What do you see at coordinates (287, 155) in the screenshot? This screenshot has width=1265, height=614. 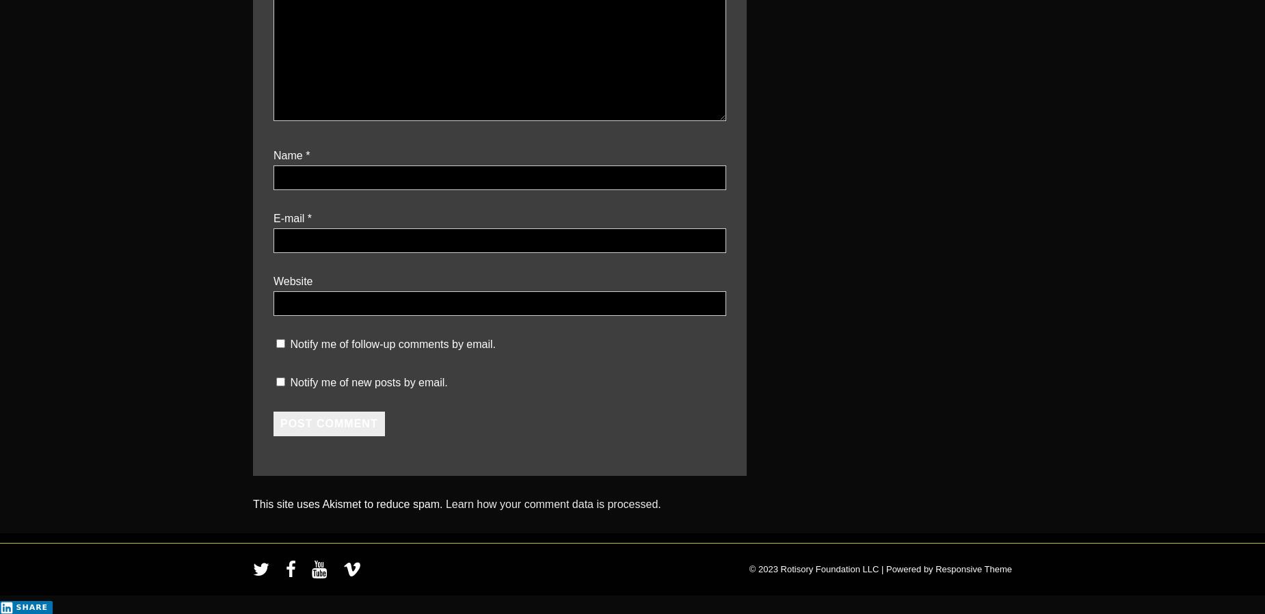 I see `'Name'` at bounding box center [287, 155].